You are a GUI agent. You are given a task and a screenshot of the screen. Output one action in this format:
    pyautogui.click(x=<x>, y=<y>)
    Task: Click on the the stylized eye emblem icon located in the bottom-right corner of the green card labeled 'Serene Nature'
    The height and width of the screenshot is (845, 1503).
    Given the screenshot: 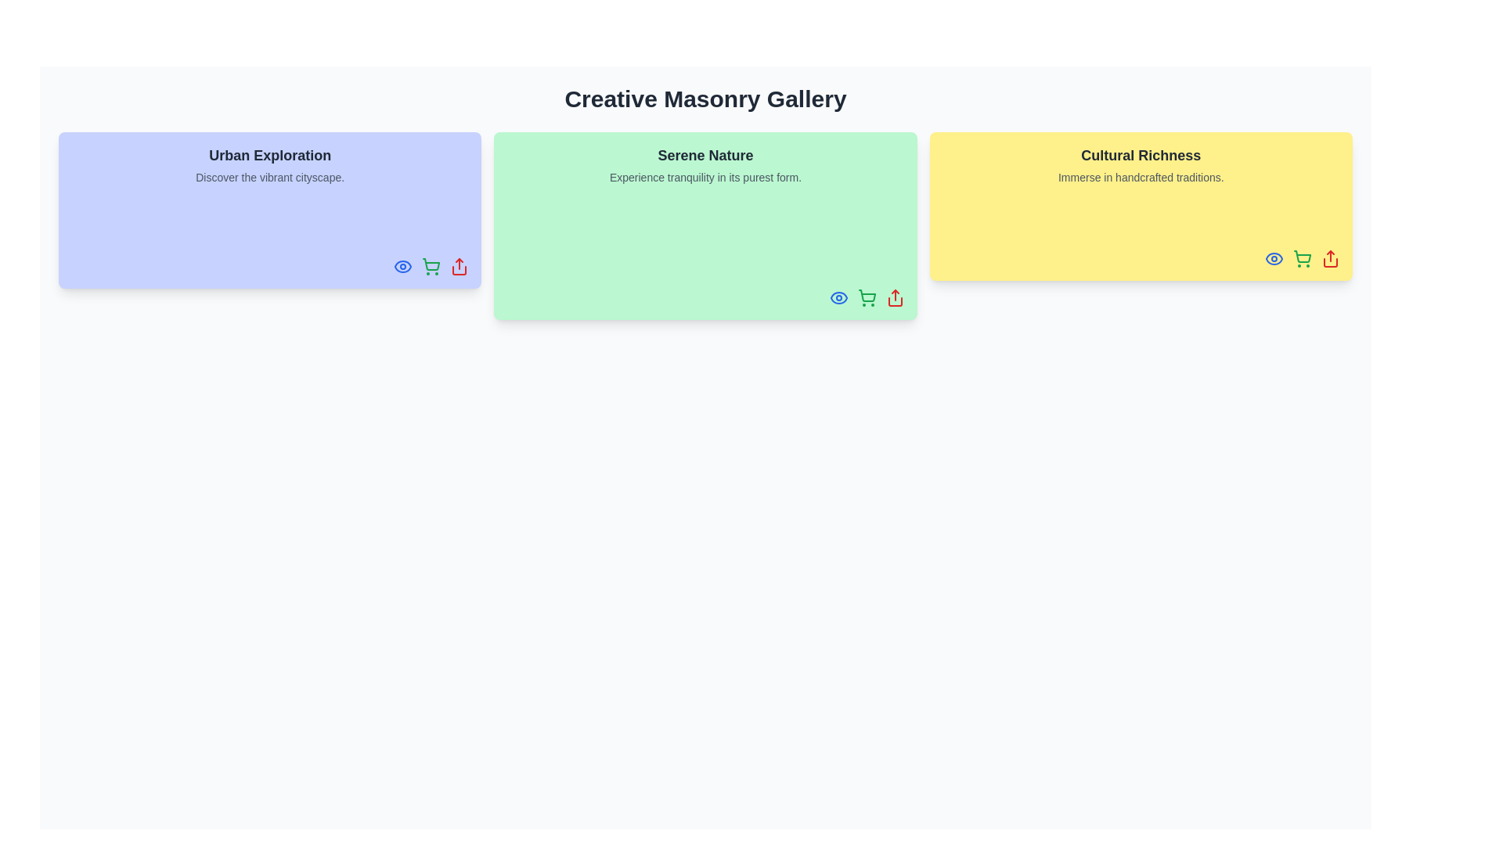 What is the action you would take?
    pyautogui.click(x=403, y=265)
    